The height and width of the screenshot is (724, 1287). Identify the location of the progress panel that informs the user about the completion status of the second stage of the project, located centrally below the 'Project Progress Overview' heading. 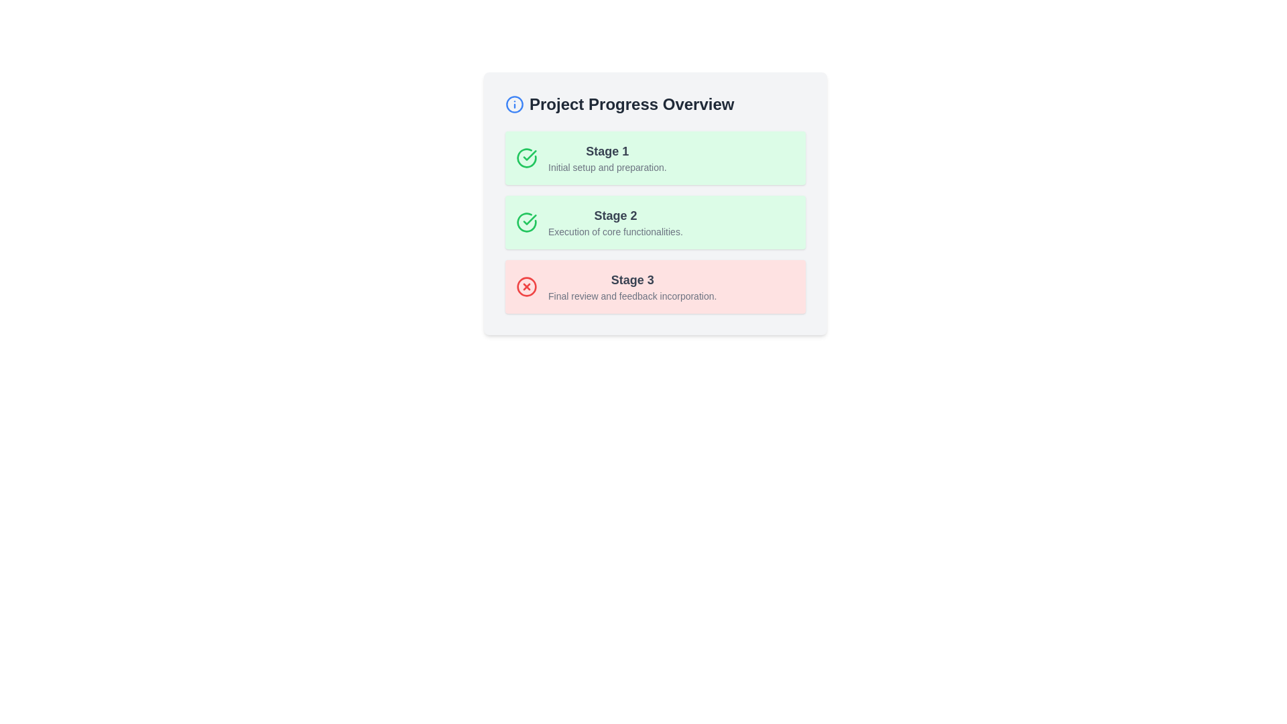
(656, 204).